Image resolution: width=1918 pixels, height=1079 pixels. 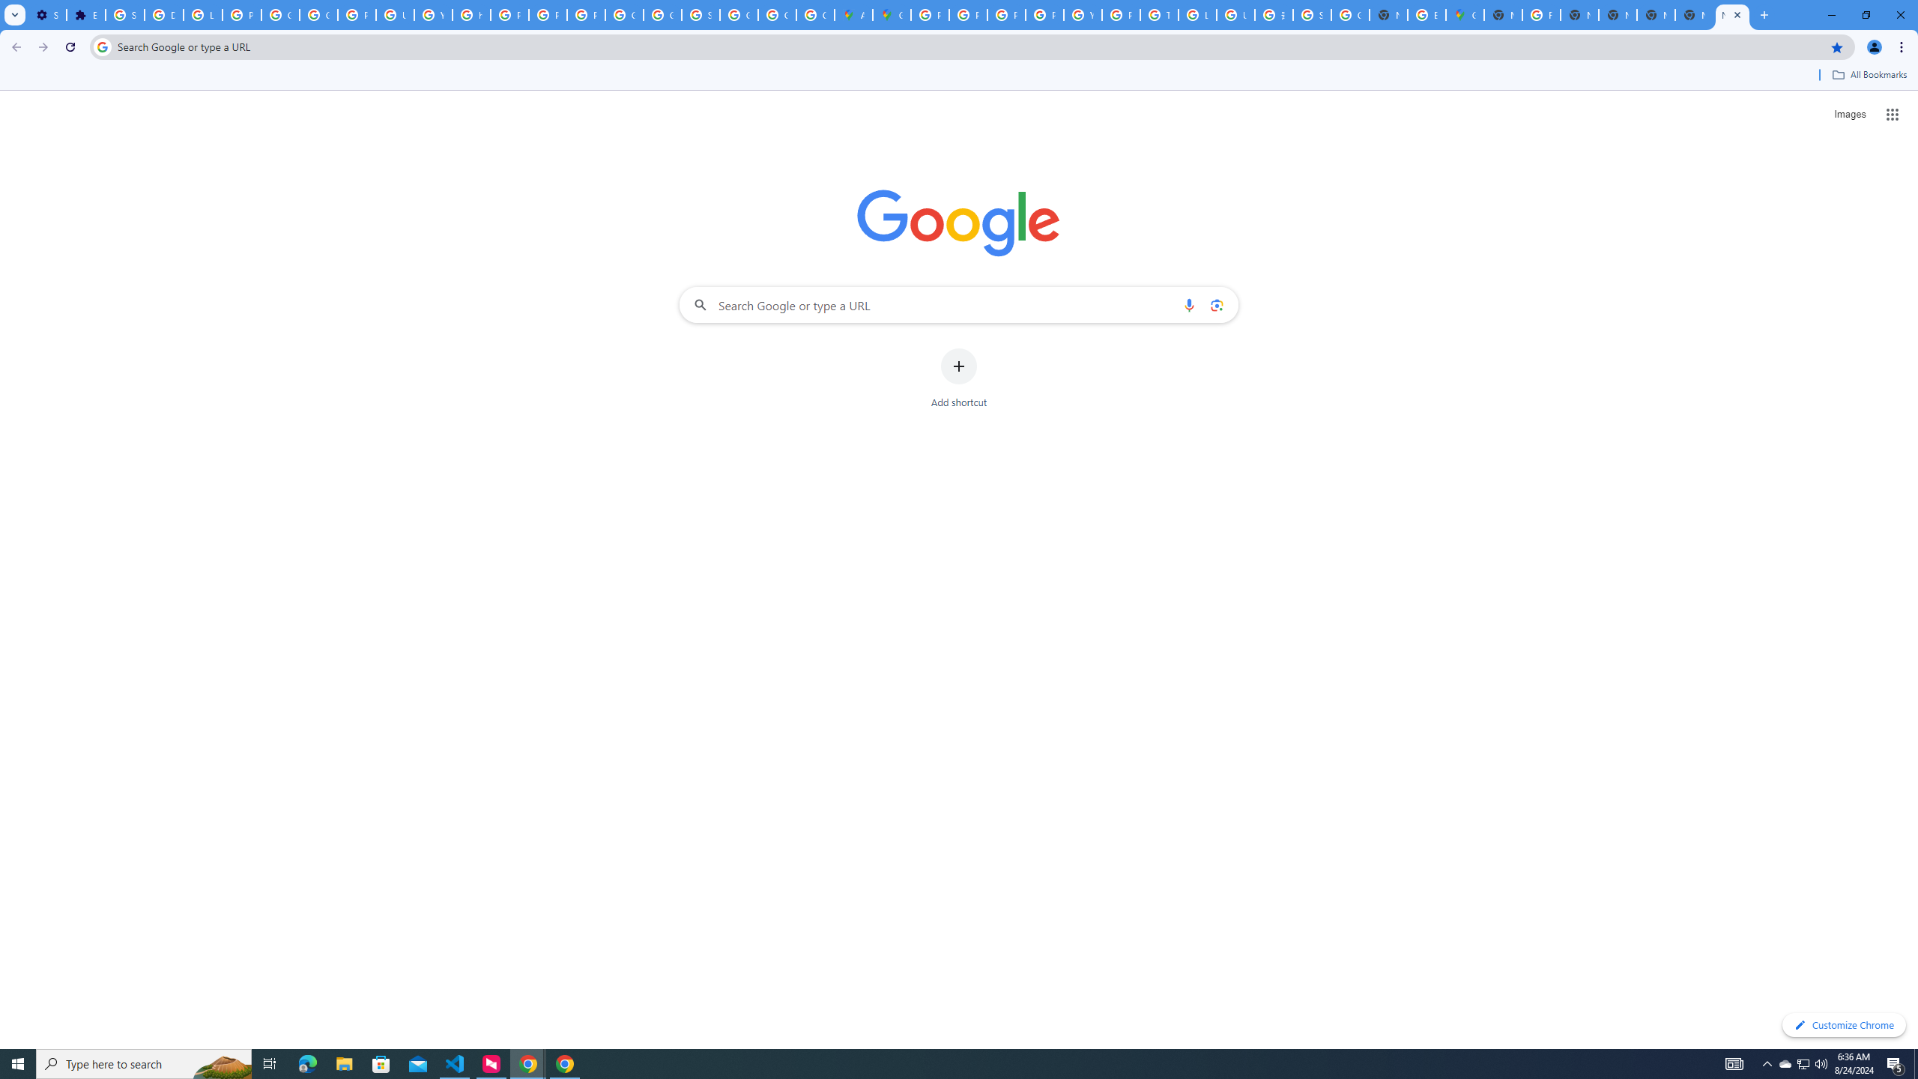 I want to click on 'Learn how to find your photos - Google Photos Help', so click(x=202, y=14).